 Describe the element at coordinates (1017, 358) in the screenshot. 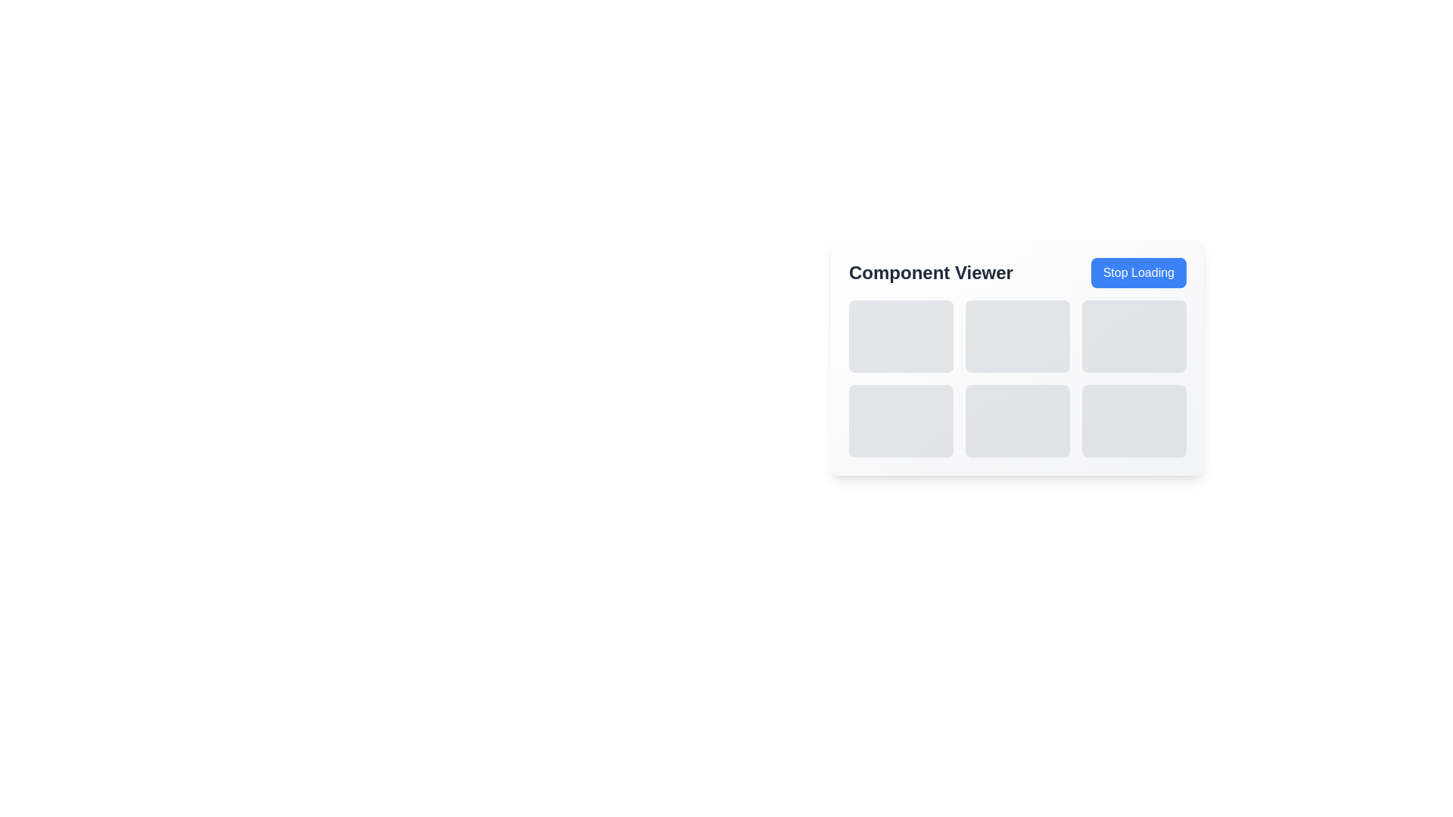

I see `the placeholder rectangles within the 'Component Viewer' panel that features a gradient background and a 'Stop Loading' button` at that location.